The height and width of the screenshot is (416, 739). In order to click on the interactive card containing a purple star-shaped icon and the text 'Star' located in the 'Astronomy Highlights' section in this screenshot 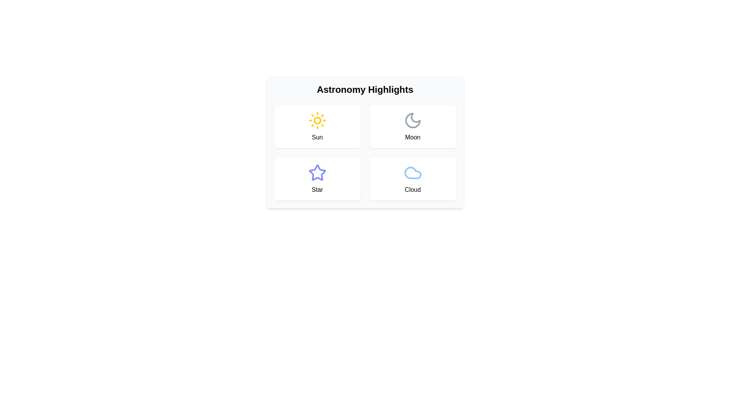, I will do `click(317, 179)`.